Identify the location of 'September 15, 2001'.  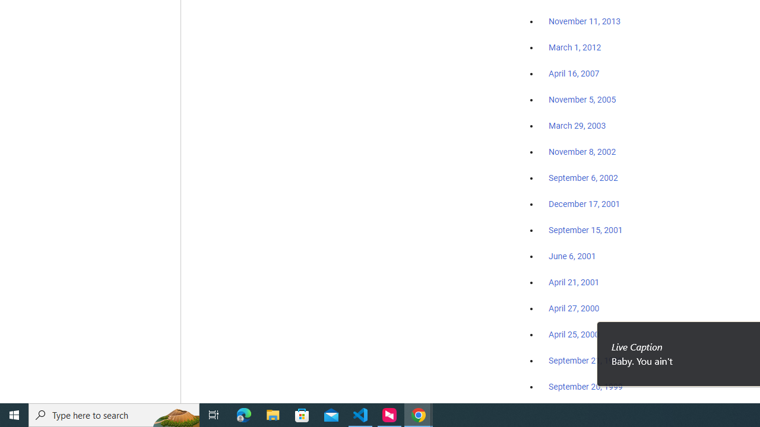
(585, 230).